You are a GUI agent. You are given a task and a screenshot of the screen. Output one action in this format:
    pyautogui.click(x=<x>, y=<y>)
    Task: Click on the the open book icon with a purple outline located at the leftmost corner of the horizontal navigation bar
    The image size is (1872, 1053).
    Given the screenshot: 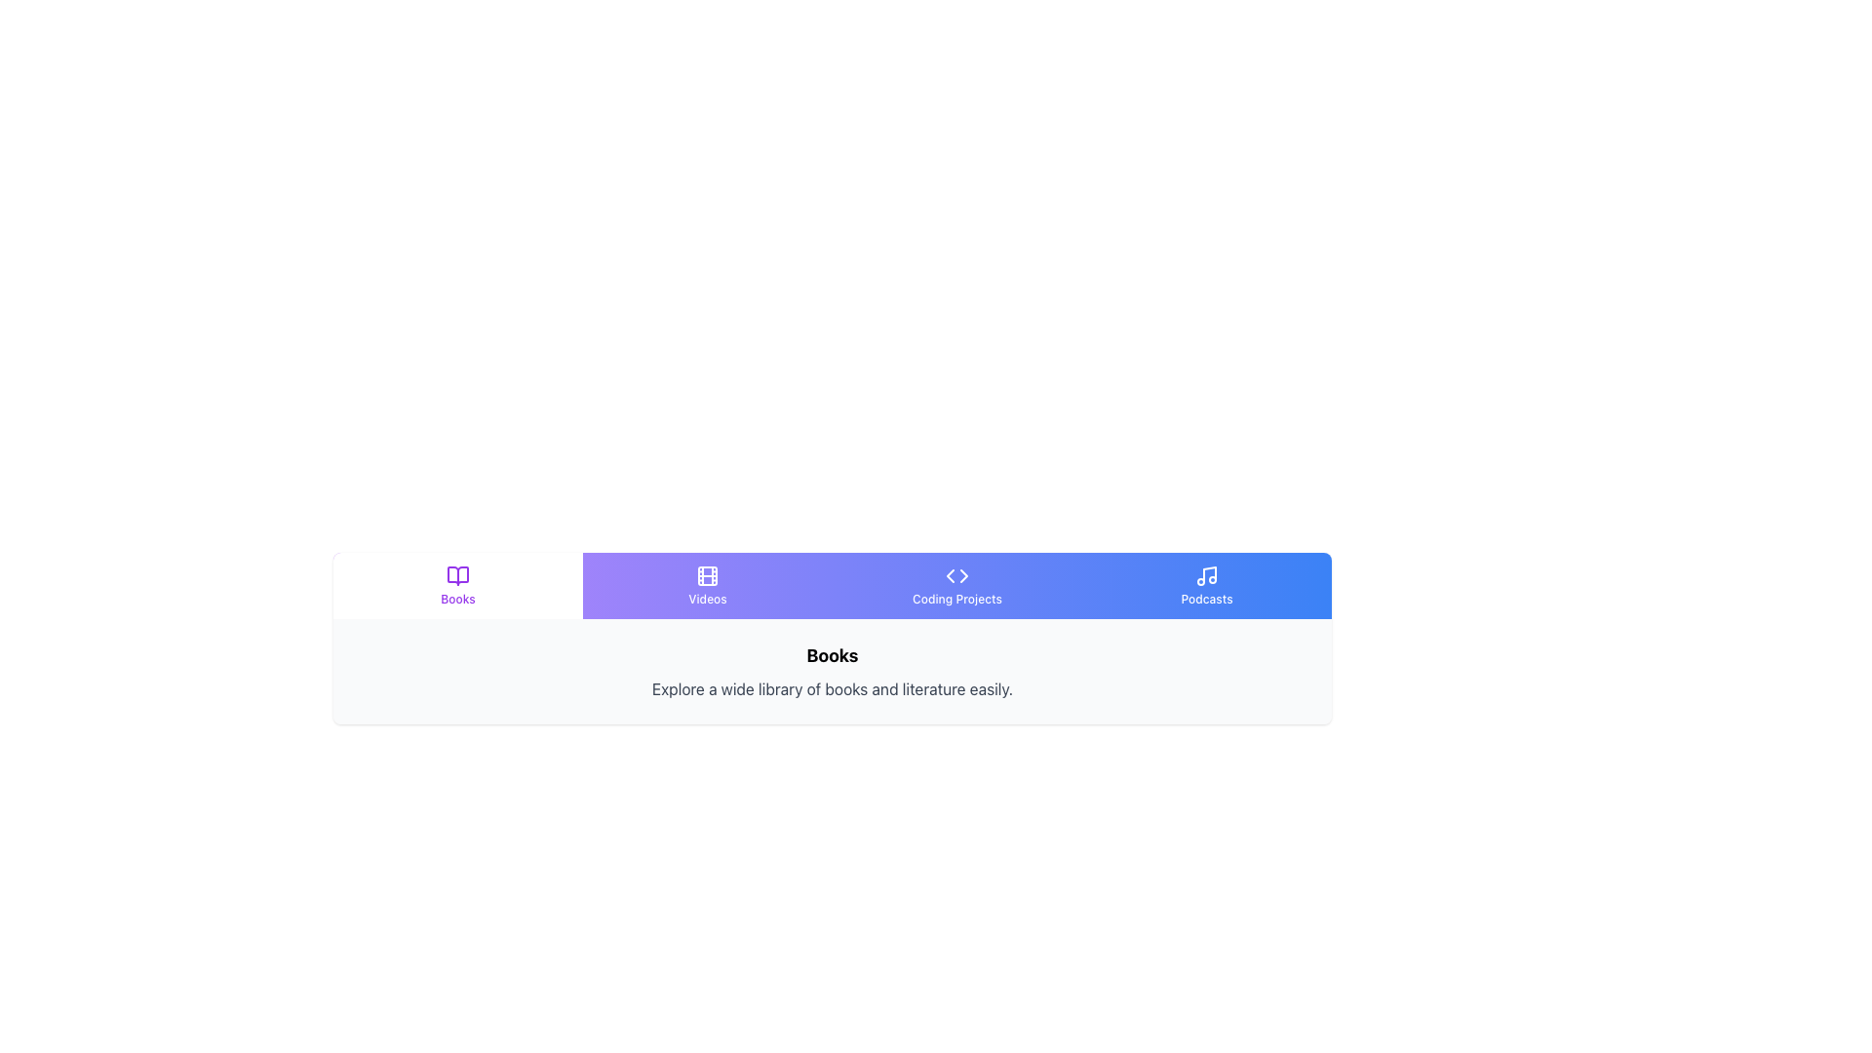 What is the action you would take?
    pyautogui.click(x=457, y=574)
    